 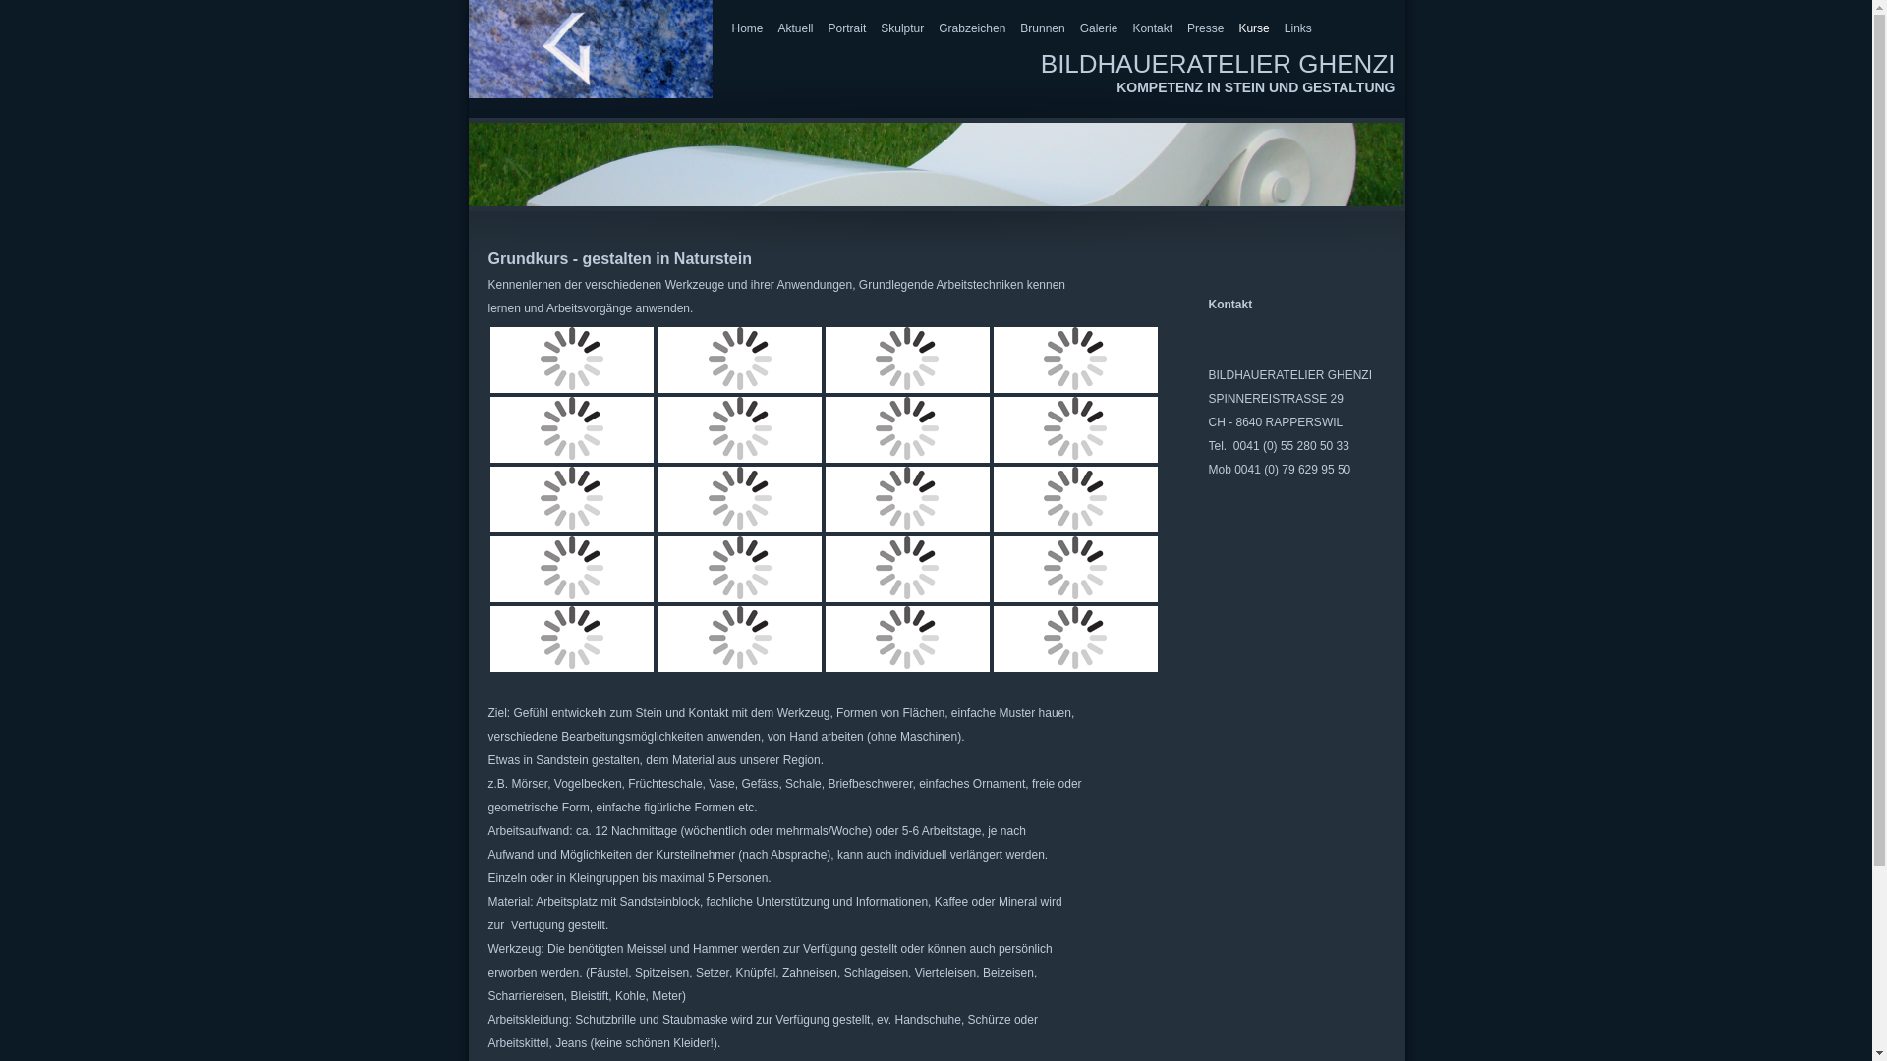 What do you see at coordinates (745, 28) in the screenshot?
I see `'Home'` at bounding box center [745, 28].